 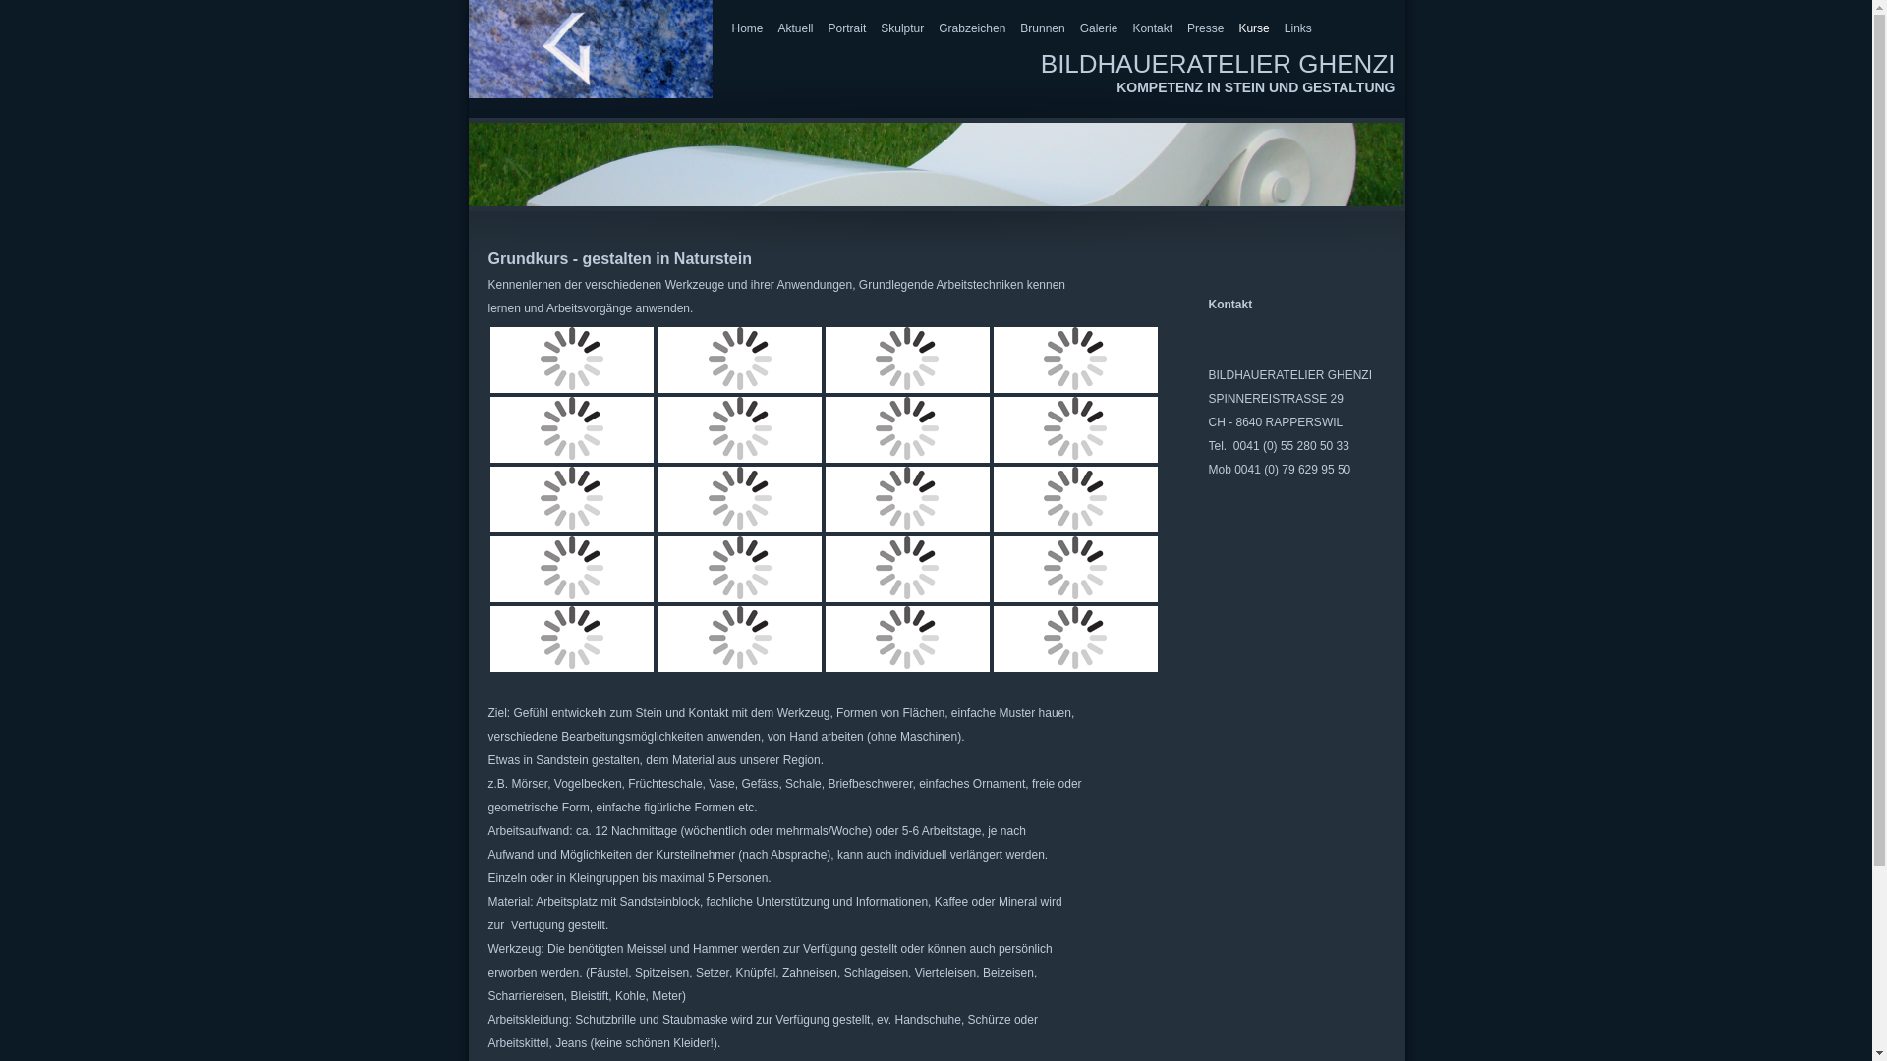 What do you see at coordinates (745, 28) in the screenshot?
I see `'Home'` at bounding box center [745, 28].